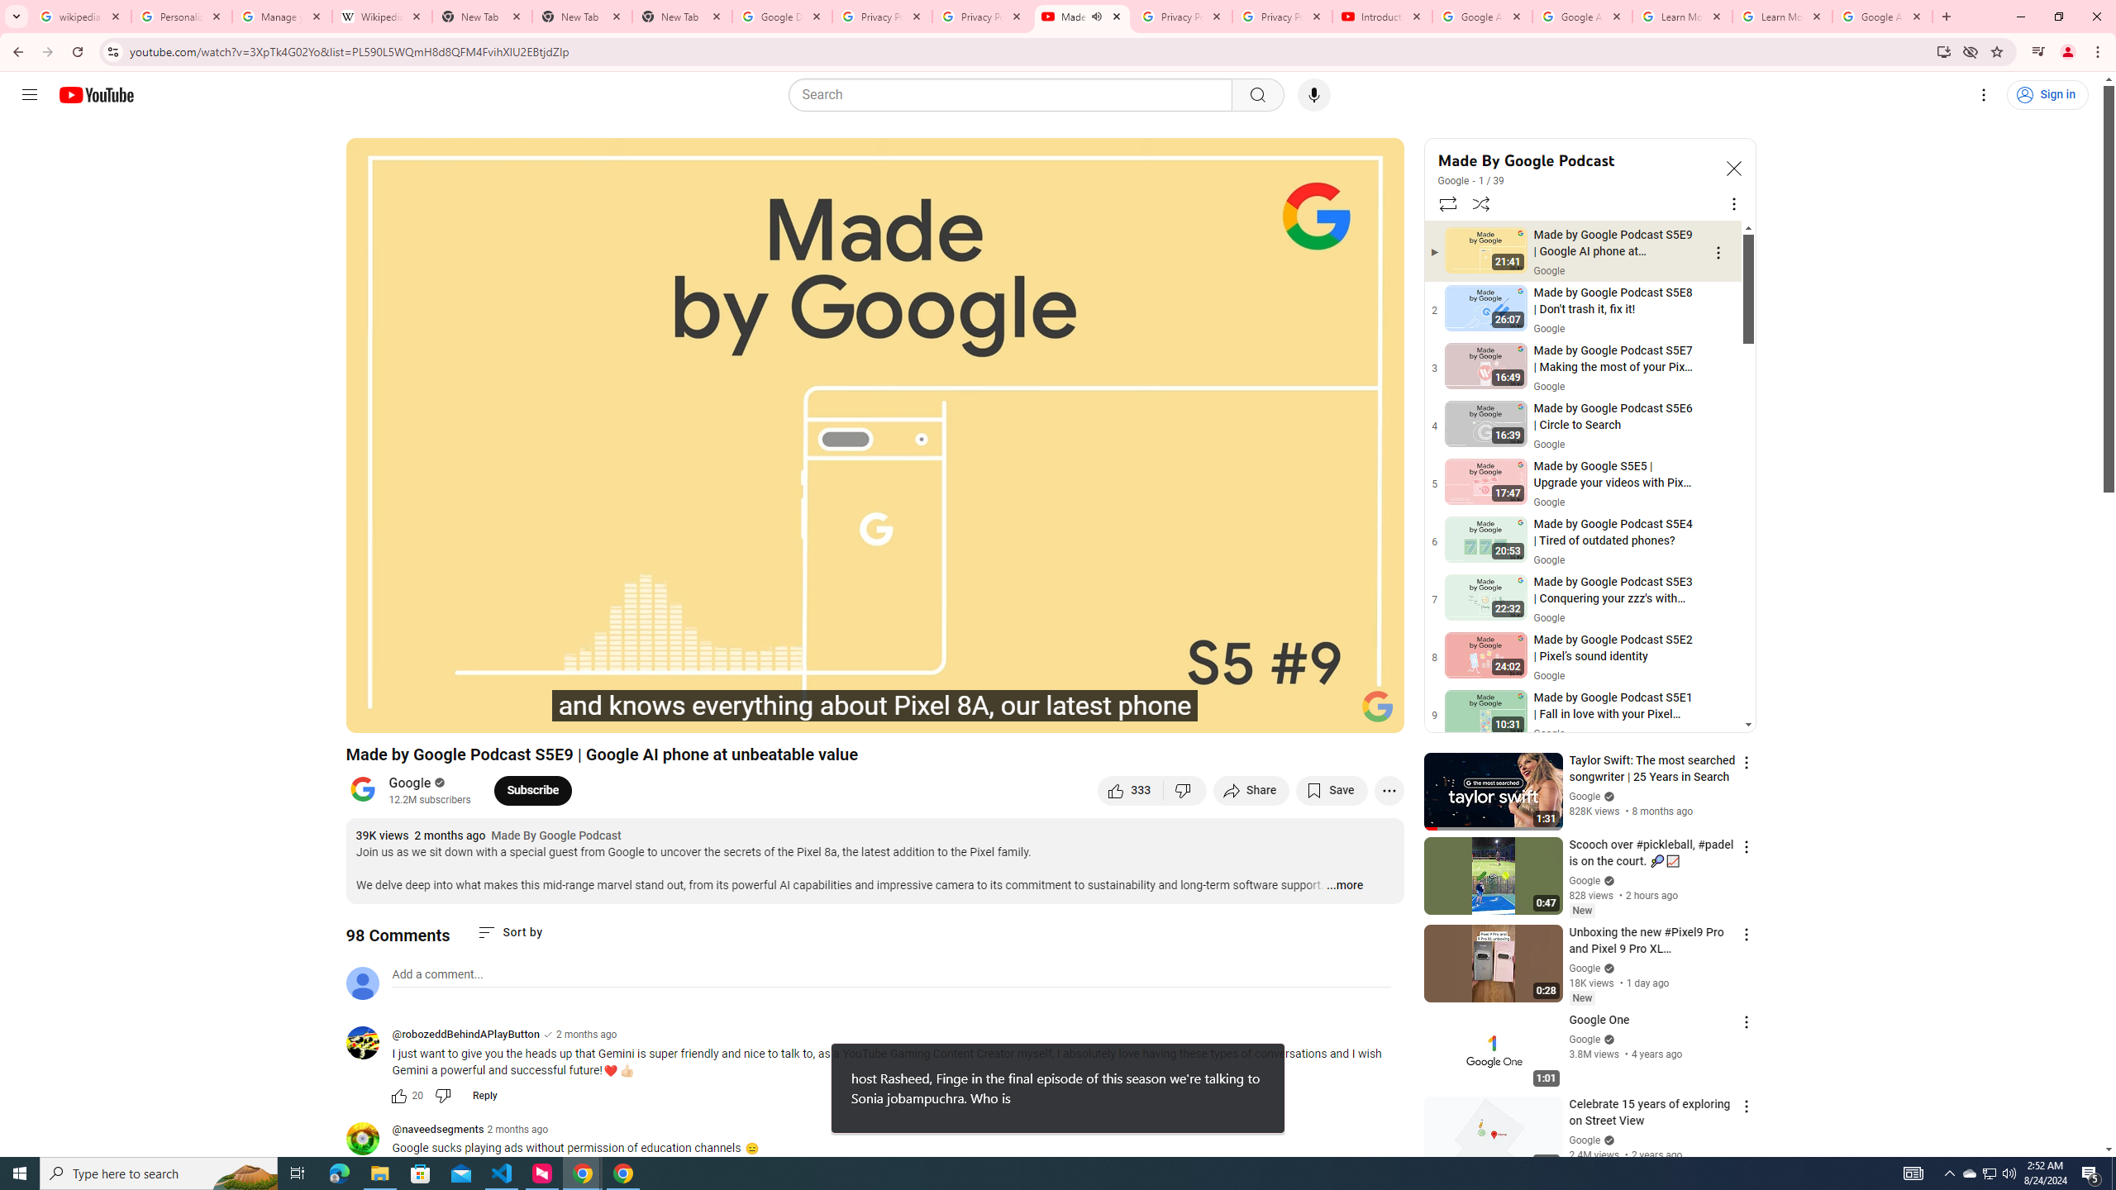 The image size is (2116, 1190). Describe the element at coordinates (1377, 706) in the screenshot. I see `'Channel watermark'` at that location.